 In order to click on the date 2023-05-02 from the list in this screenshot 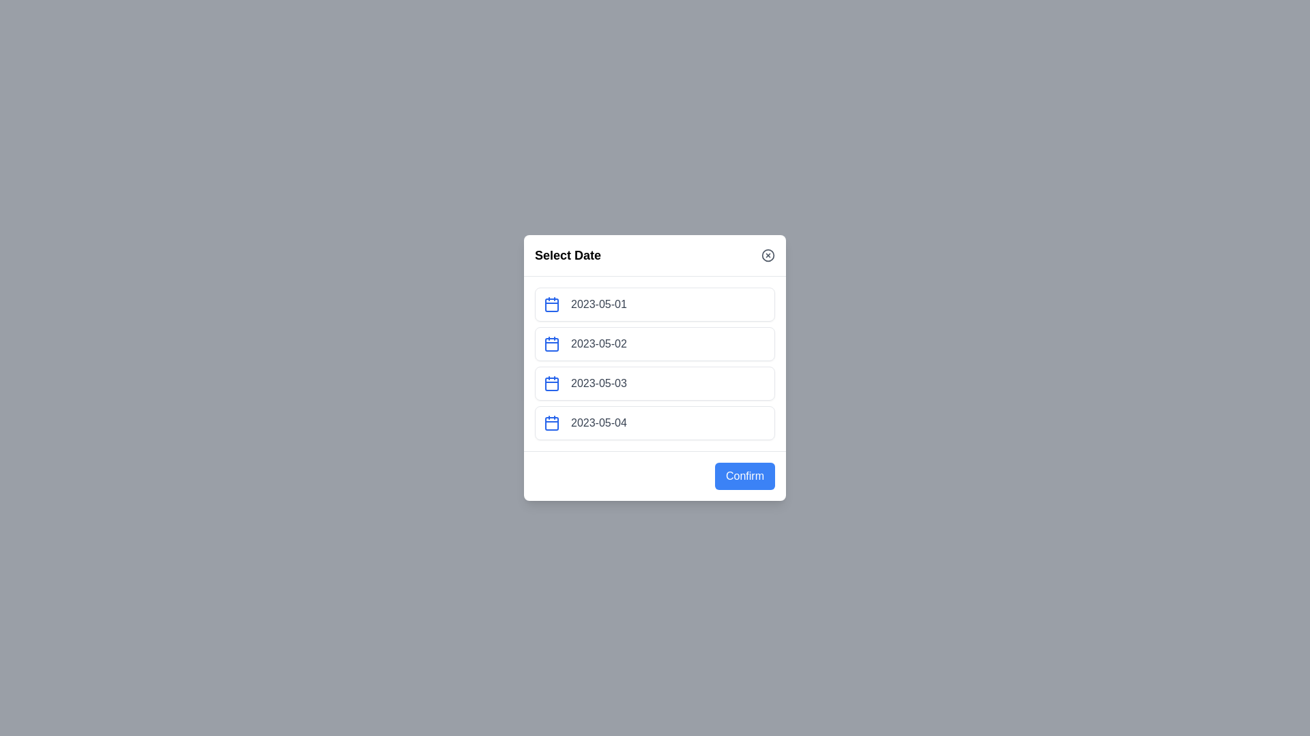, I will do `click(655, 343)`.